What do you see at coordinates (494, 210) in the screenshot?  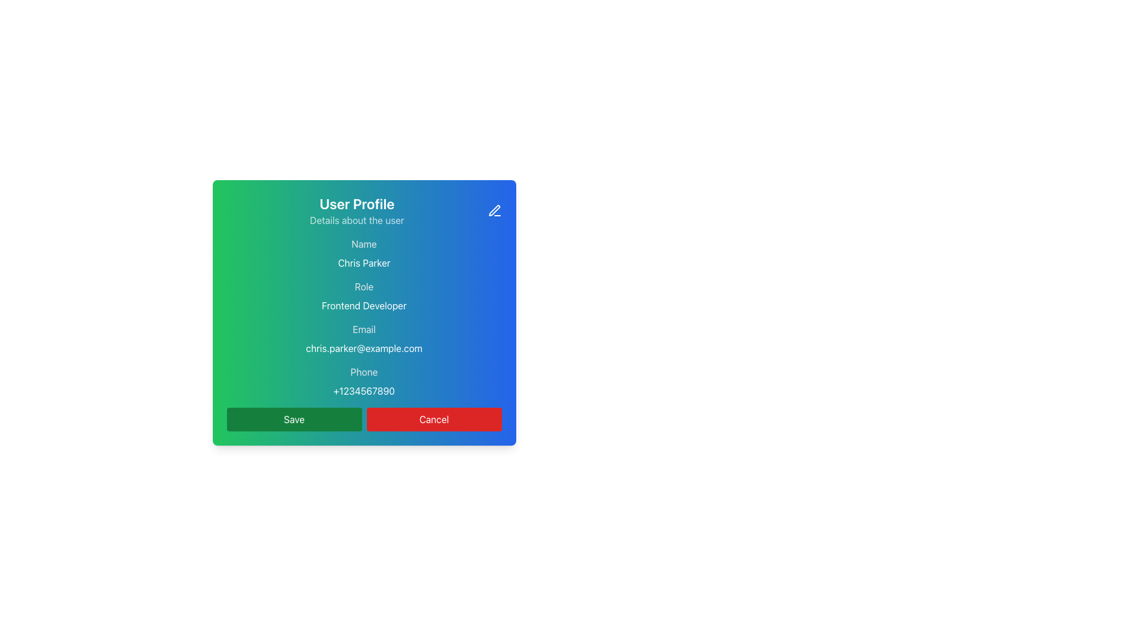 I see `the pen icon located at the top-right corner of the user information card` at bounding box center [494, 210].